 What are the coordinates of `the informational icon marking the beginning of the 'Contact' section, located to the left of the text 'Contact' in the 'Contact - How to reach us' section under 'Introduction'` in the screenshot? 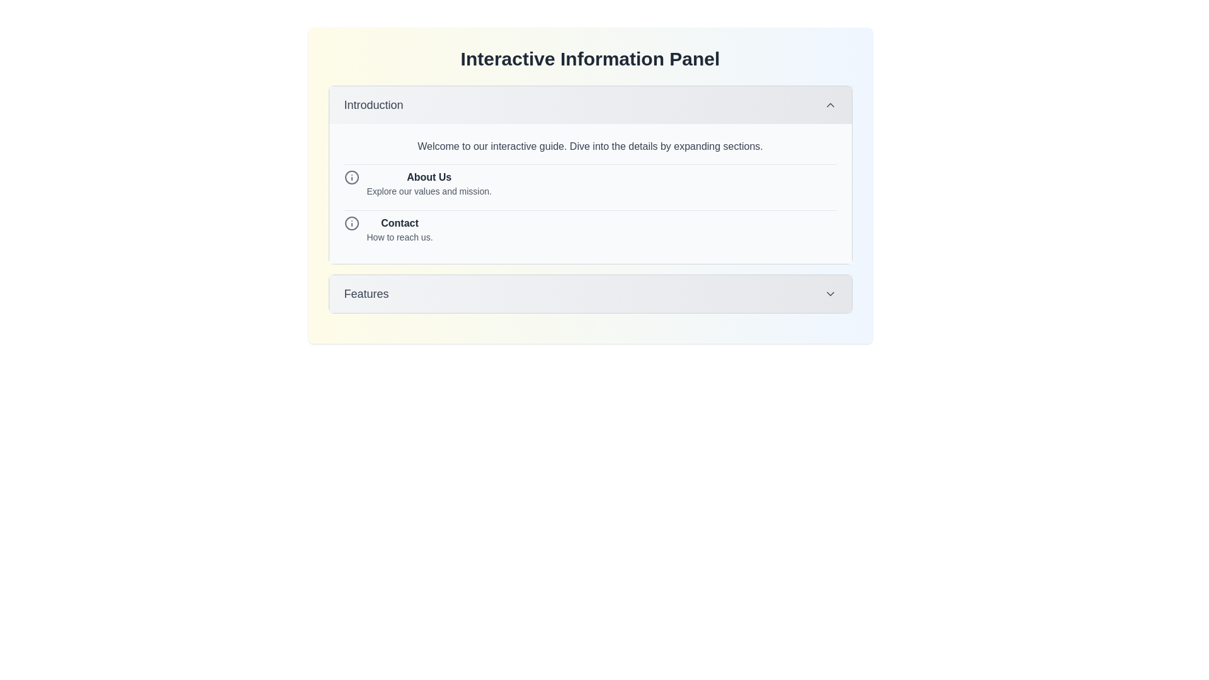 It's located at (351, 222).